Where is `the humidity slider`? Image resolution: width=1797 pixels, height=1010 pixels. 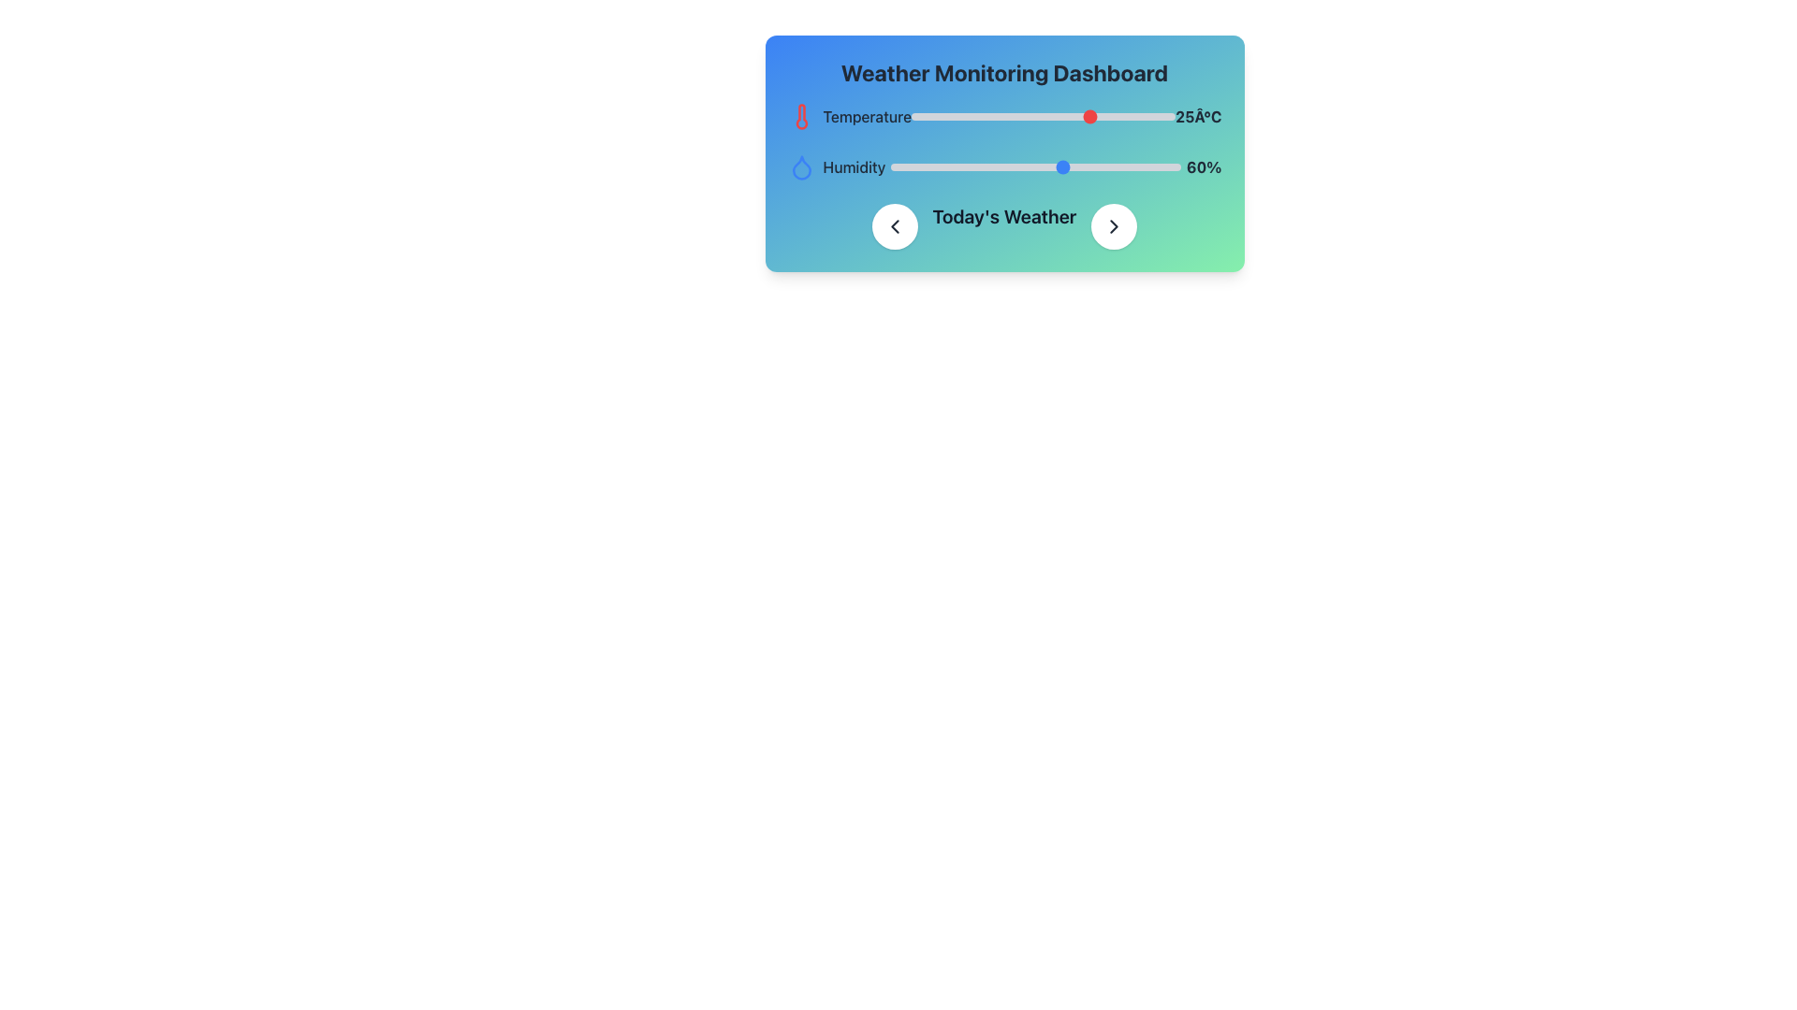 the humidity slider is located at coordinates (1015, 166).